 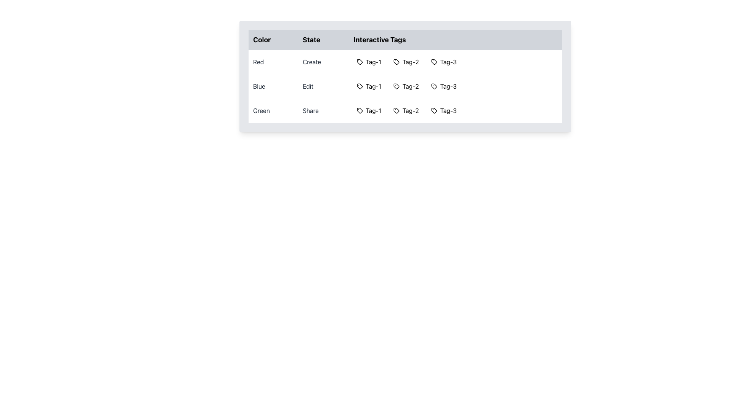 What do you see at coordinates (373, 86) in the screenshot?
I see `the static label 'Tag-1' which indicates a category in the 'Interactive Tags' column of the 'Blue' row in the table` at bounding box center [373, 86].